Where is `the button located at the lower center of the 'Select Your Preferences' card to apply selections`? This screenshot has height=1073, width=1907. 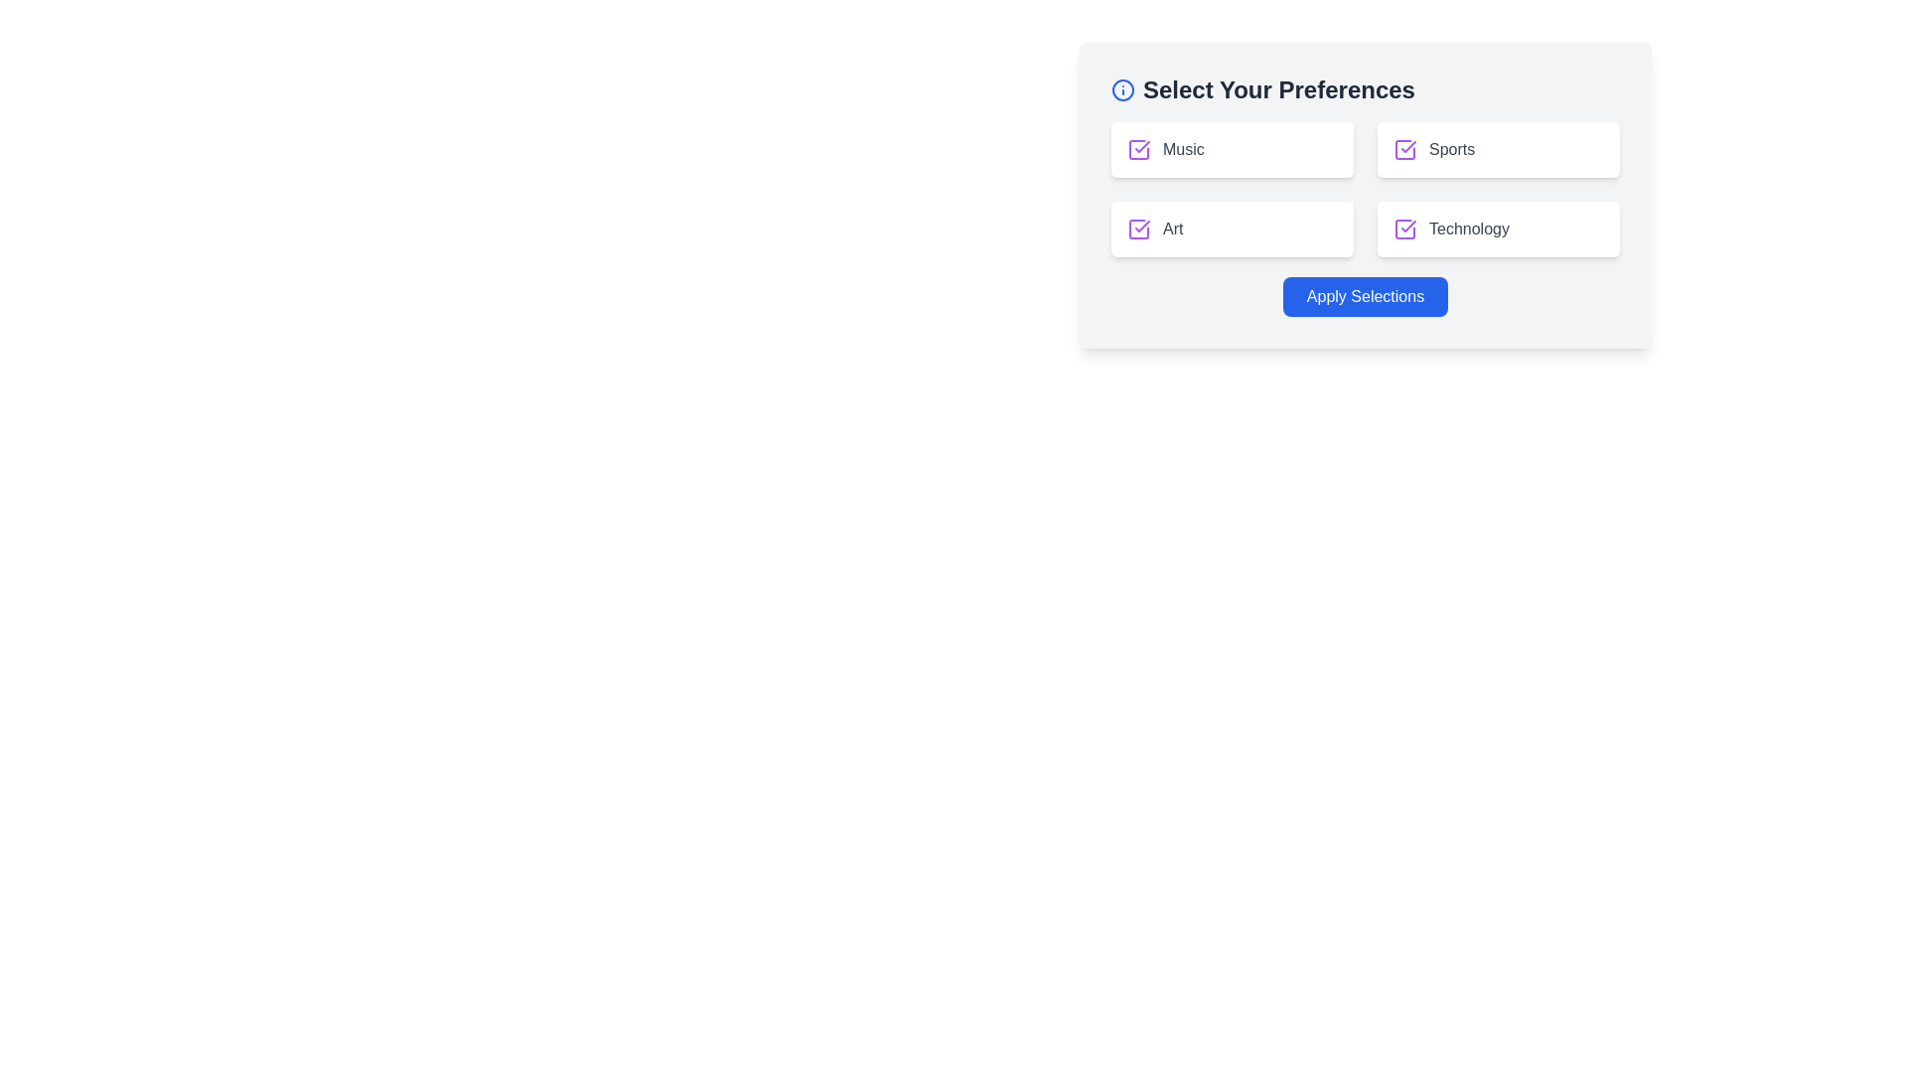 the button located at the lower center of the 'Select Your Preferences' card to apply selections is located at coordinates (1363, 297).